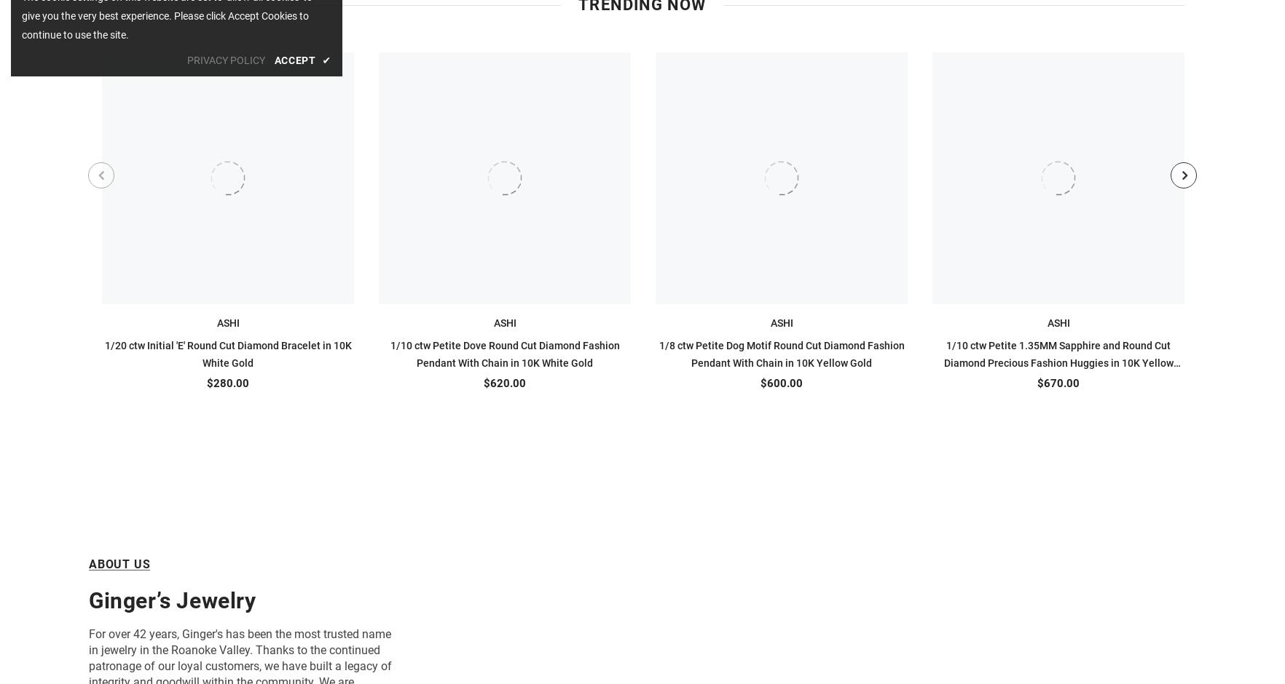  Describe the element at coordinates (139, 634) in the screenshot. I see `'42'` at that location.